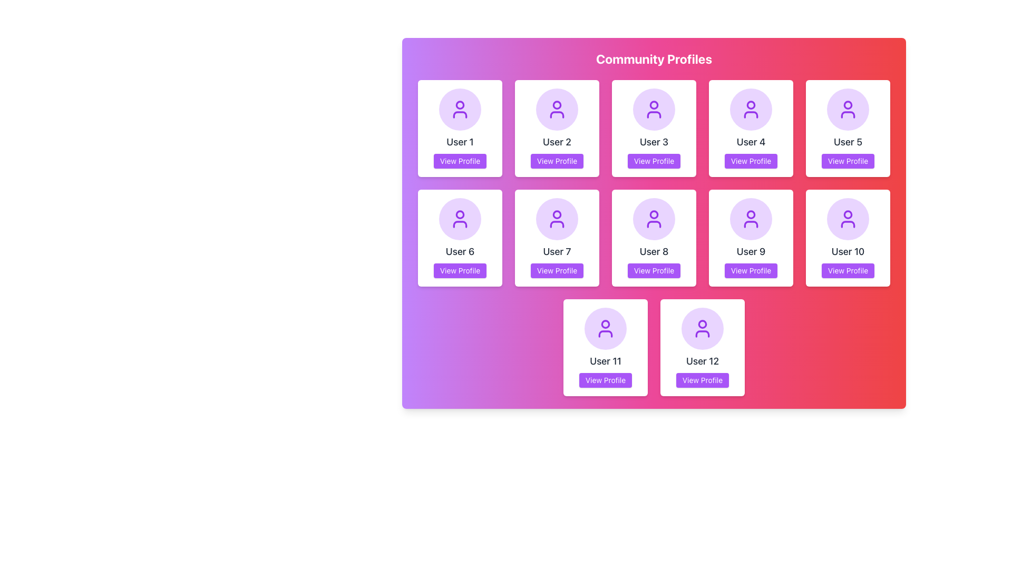  Describe the element at coordinates (703, 323) in the screenshot. I see `the circular user profile icon representing User 12 located in the last row, second column of the Community Profiles section` at that location.